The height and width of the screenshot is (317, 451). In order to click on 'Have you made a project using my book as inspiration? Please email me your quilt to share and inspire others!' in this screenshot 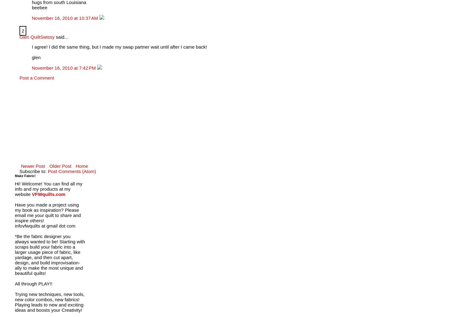, I will do `click(47, 212)`.